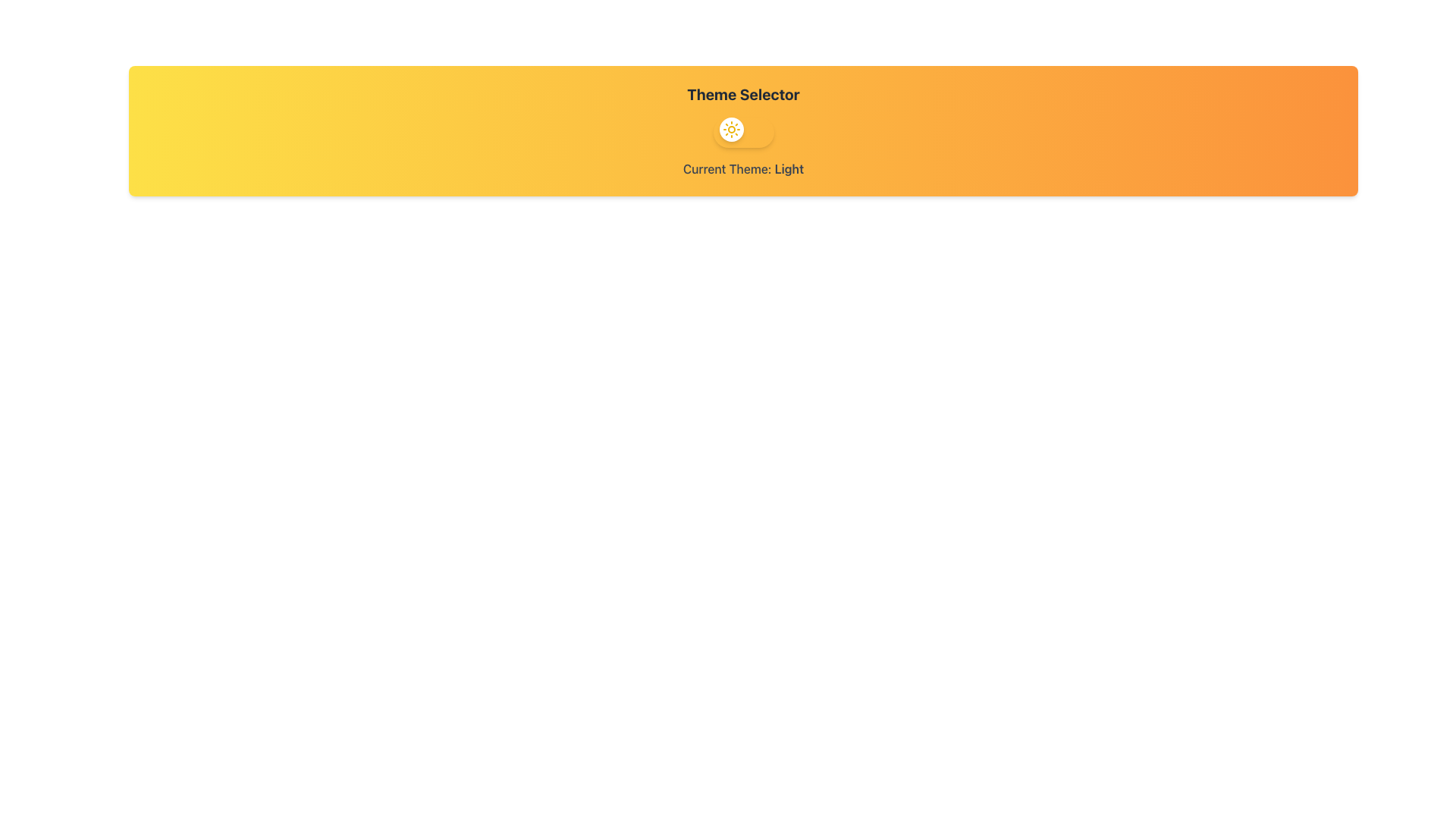 This screenshot has width=1456, height=819. I want to click on the label that displays the currently selected theme of the application, located at the bottom of the 'Theme Selector' interface, directly below the toggle switch, so click(743, 169).